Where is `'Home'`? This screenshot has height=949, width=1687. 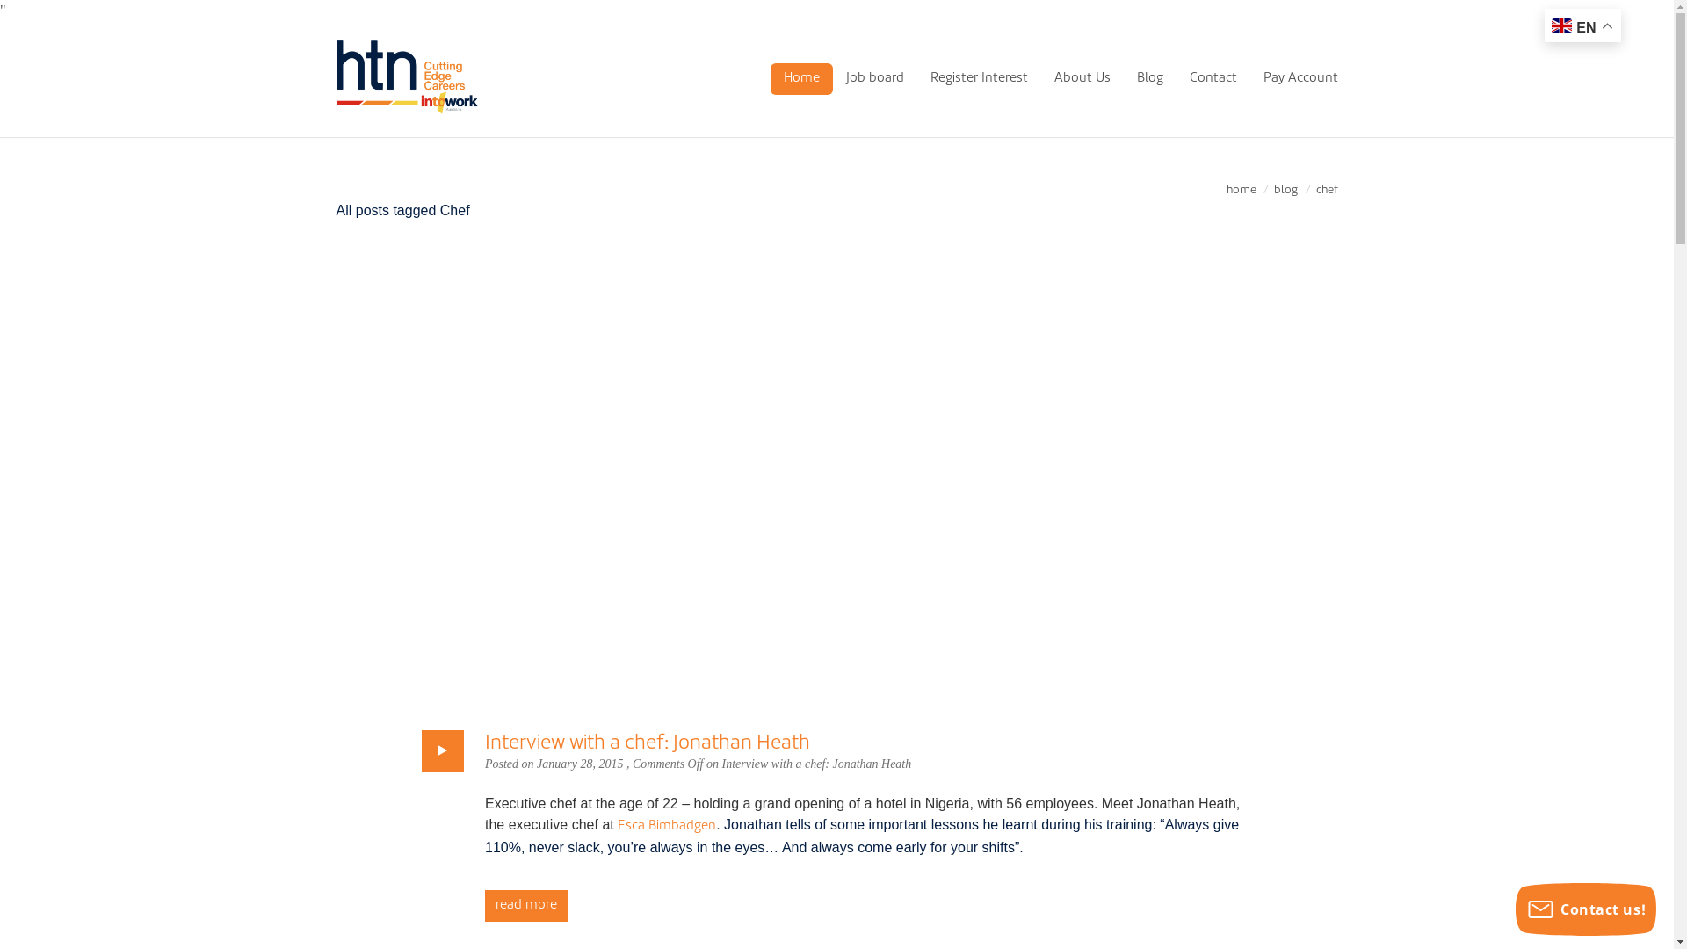 'Home' is located at coordinates (800, 77).